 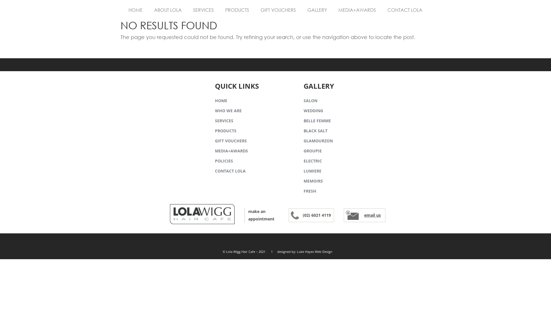 I want to click on 'PRODUCTS', so click(x=225, y=131).